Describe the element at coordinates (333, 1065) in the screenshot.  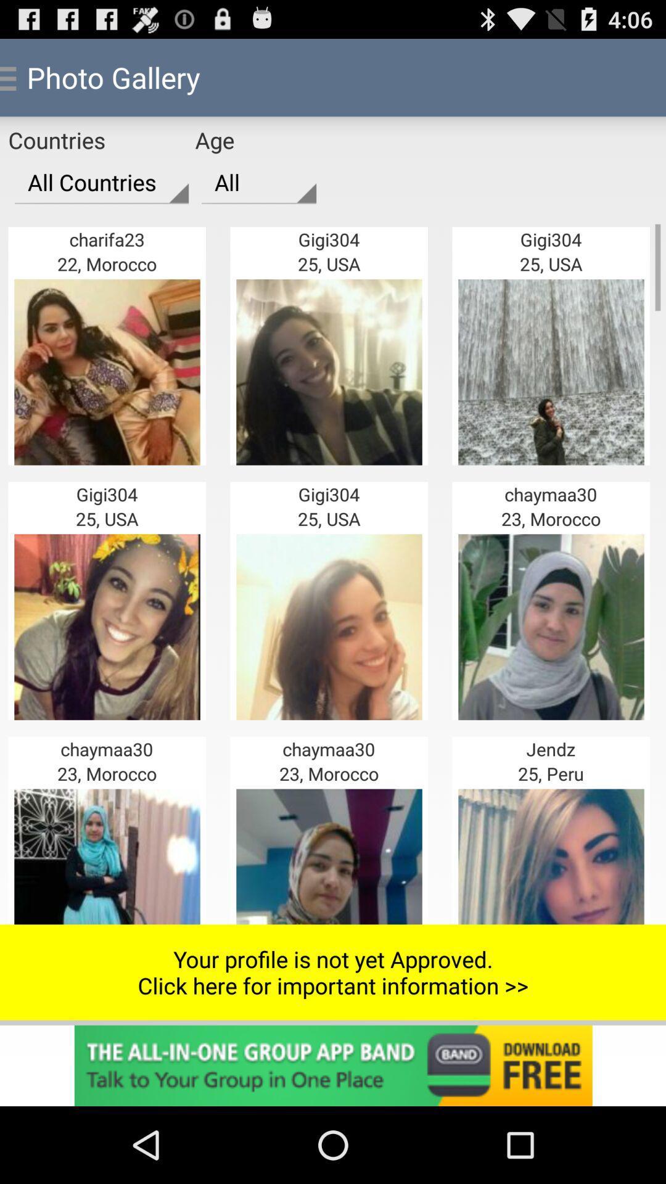
I see `page` at that location.